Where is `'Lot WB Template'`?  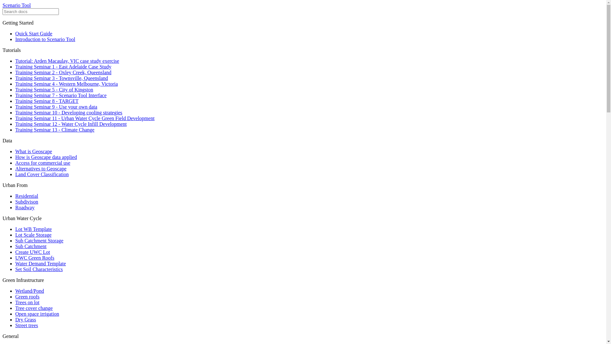
'Lot WB Template' is located at coordinates (33, 229).